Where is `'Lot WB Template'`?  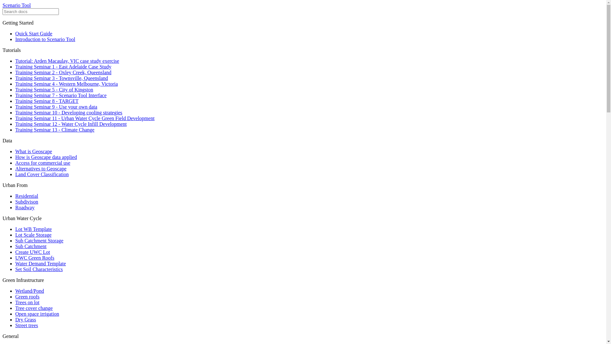
'Lot WB Template' is located at coordinates (33, 229).